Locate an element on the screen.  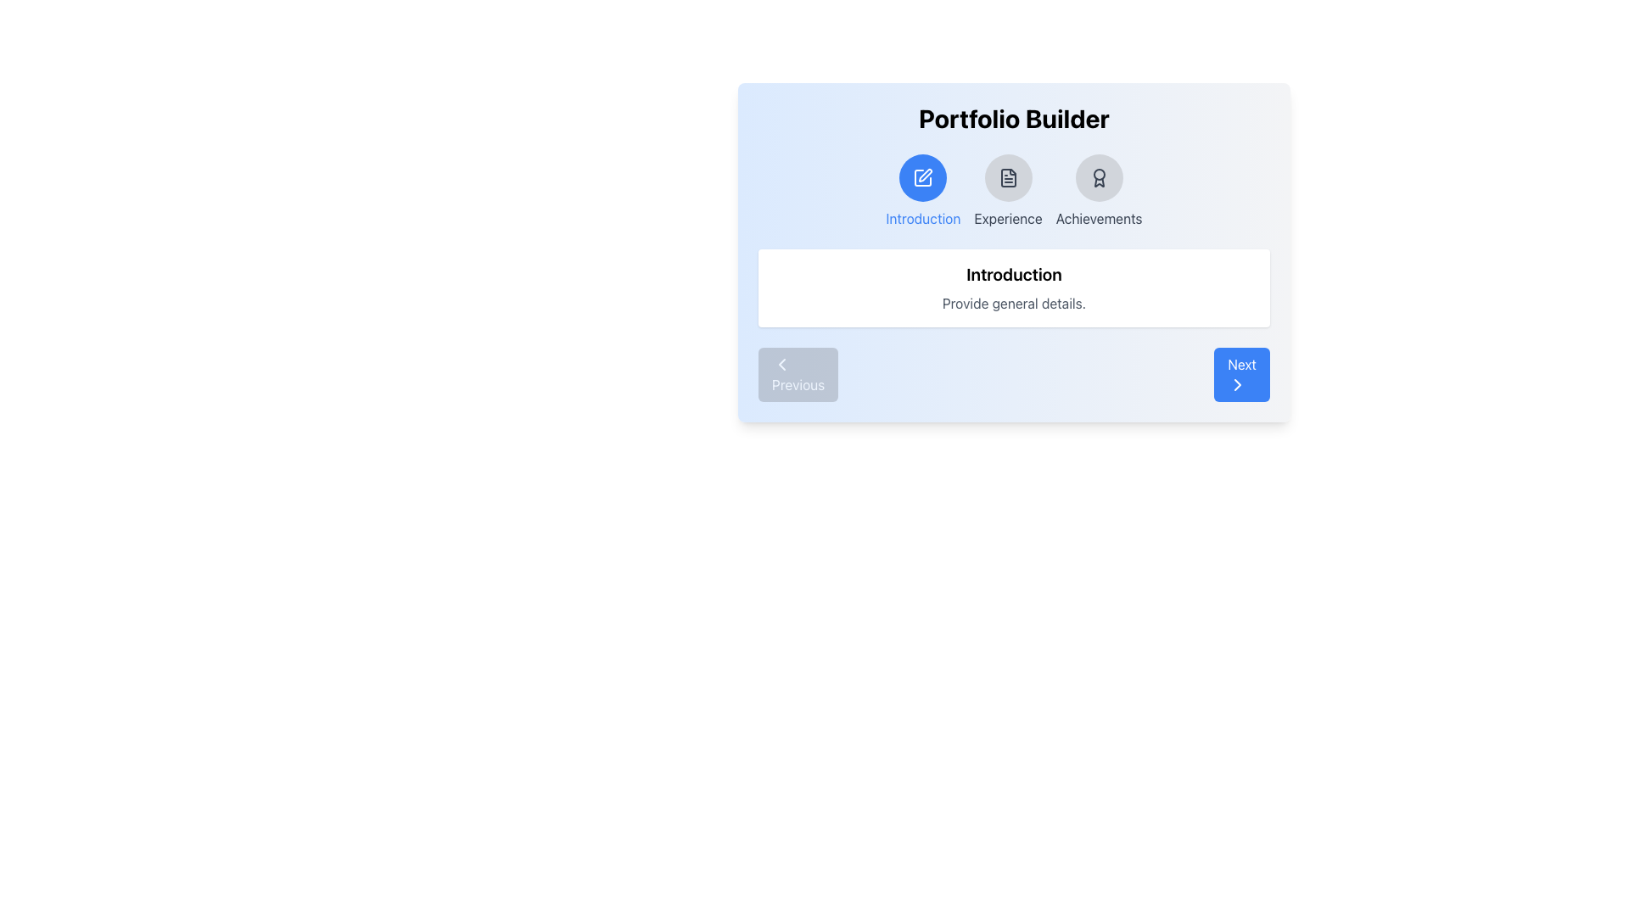
the prominent bold heading labeled 'Introduction', which is styled in a large black font and located within a white box with rounded corners is located at coordinates (1014, 274).